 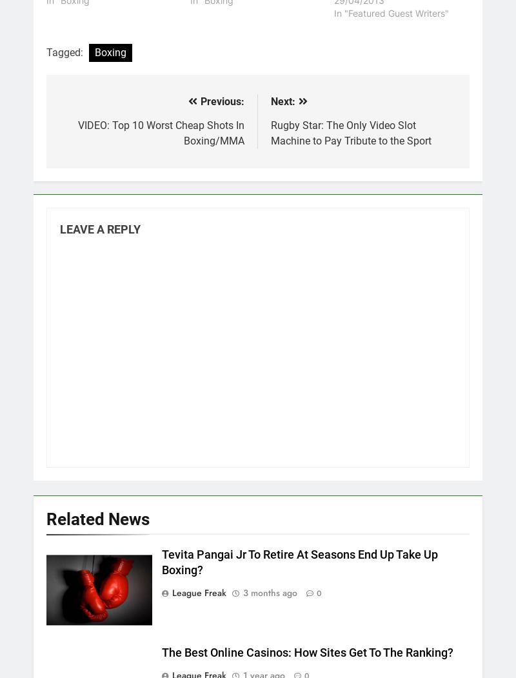 I want to click on 'Watch NRL Games Online In 2022 – Where To Watch NRL Games Online And Streaming', so click(x=374, y=44).